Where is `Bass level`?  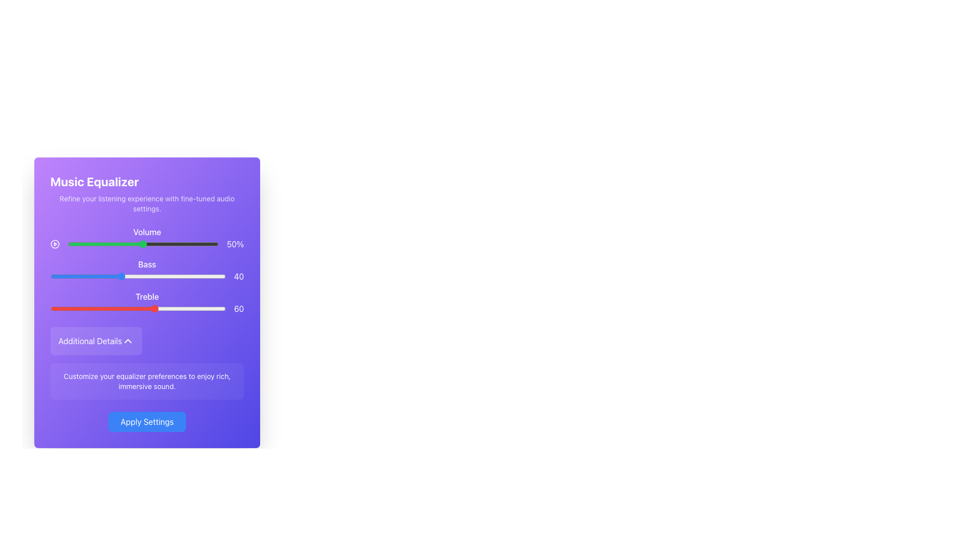
Bass level is located at coordinates (113, 276).